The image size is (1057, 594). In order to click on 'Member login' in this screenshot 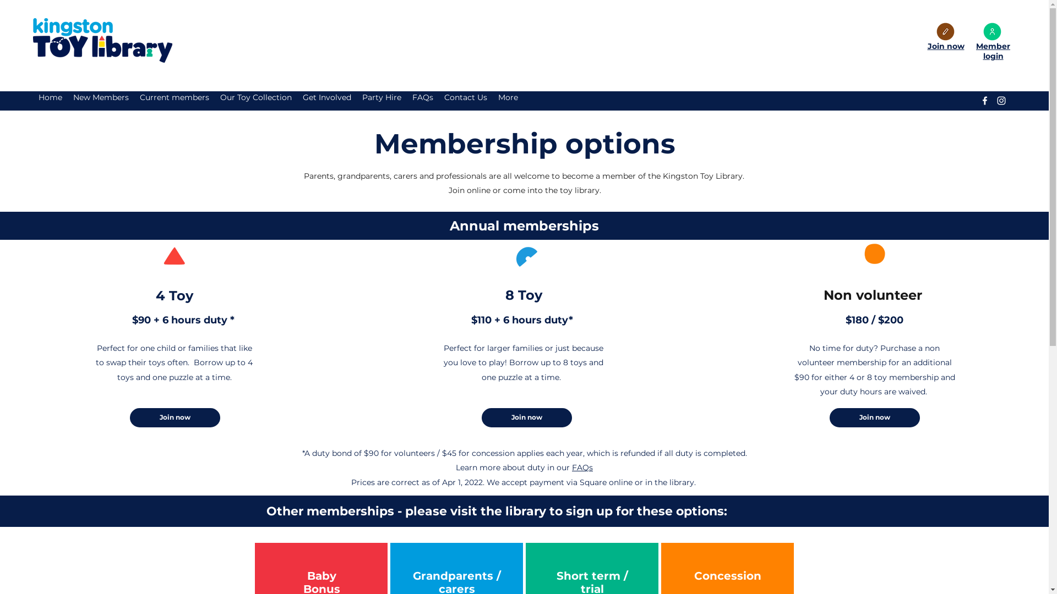, I will do `click(993, 51)`.